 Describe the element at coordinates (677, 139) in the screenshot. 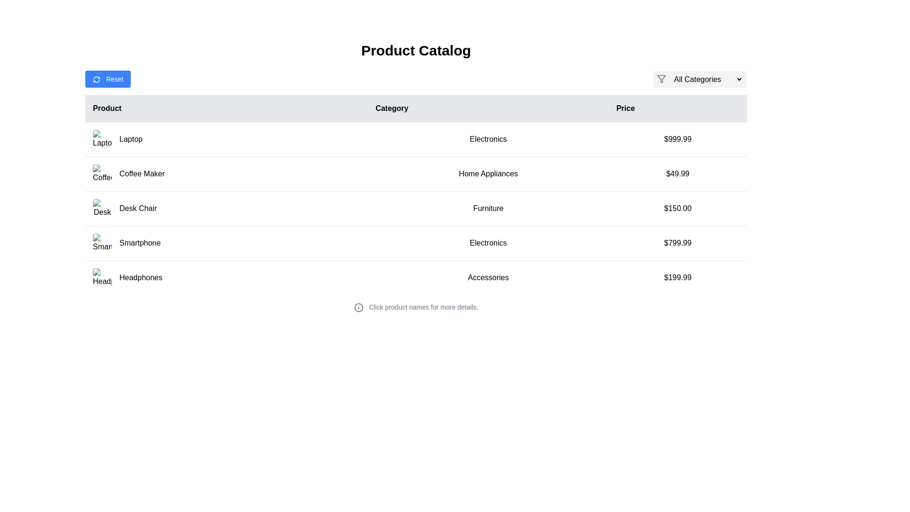

I see `the price label displaying '$999.99' in the 'Price' column of the Laptop product row` at that location.